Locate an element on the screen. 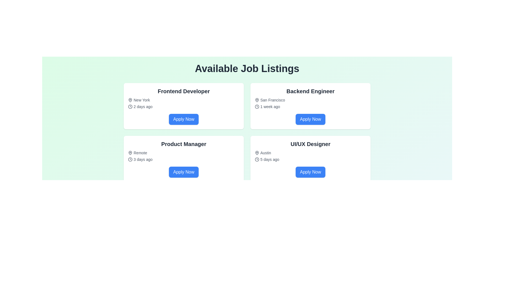 Image resolution: width=529 pixels, height=297 pixels. the 'Apply Now' button with a blue background and white text located at the bottom of the 'Frontend Developer' section to initiate the application process is located at coordinates (184, 119).